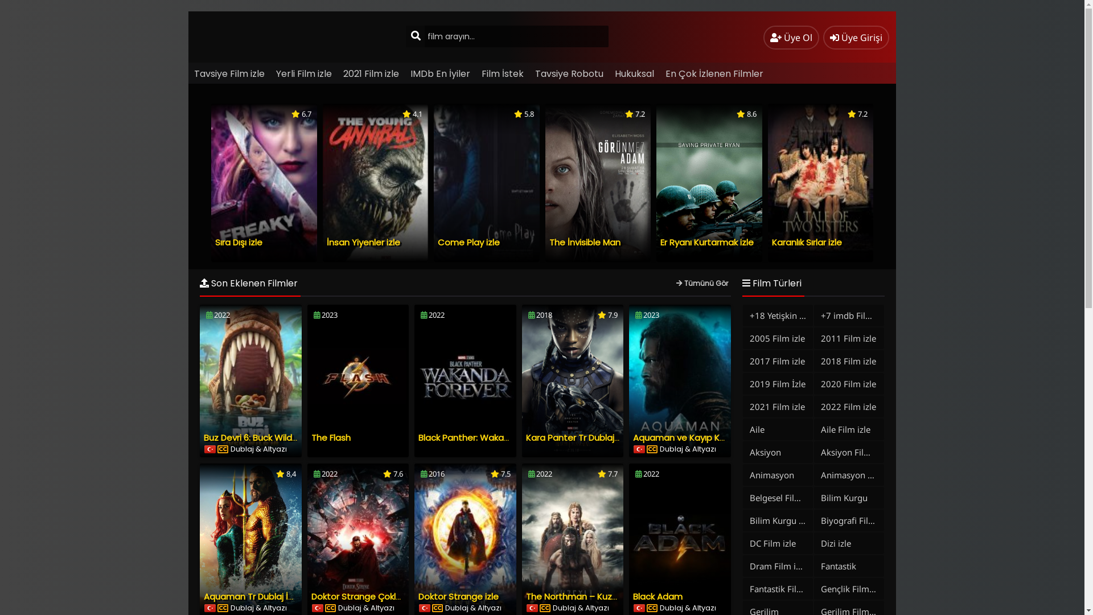  I want to click on '2022 Film izle', so click(813, 405).